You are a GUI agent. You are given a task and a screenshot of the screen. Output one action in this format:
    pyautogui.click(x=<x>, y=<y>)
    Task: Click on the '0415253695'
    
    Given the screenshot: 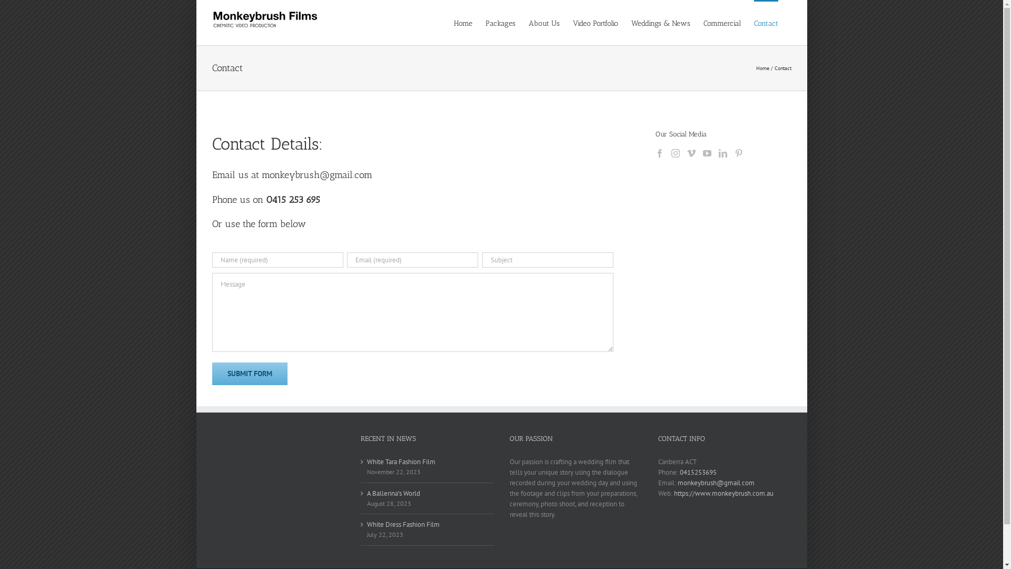 What is the action you would take?
    pyautogui.click(x=698, y=472)
    